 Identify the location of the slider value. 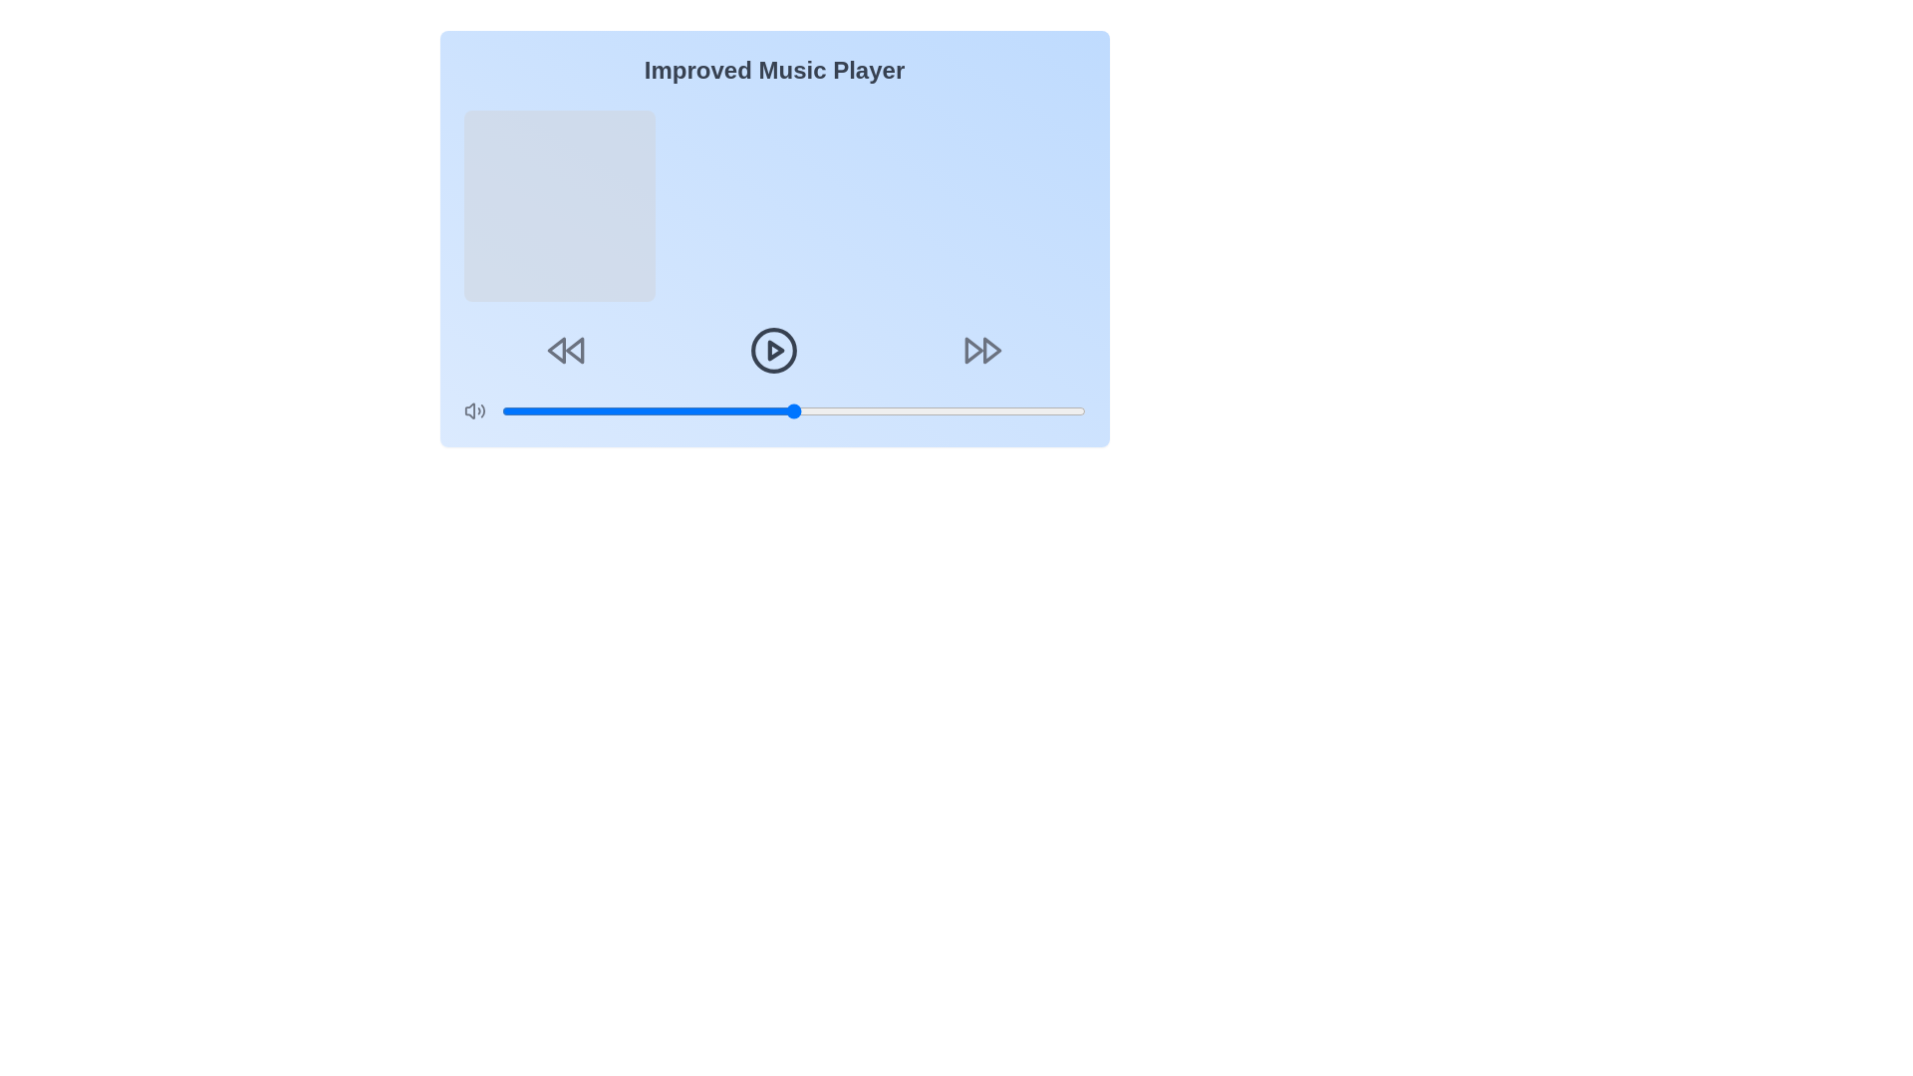
(1078, 409).